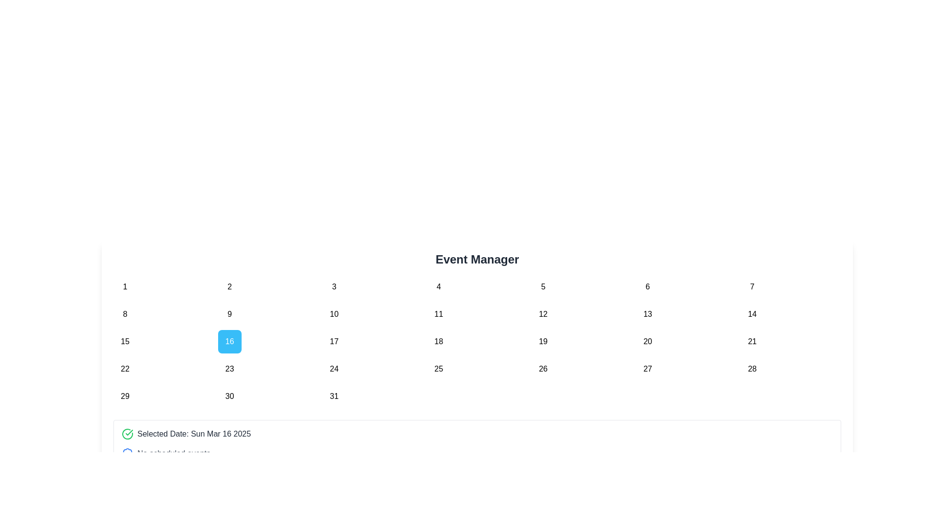  What do you see at coordinates (438, 314) in the screenshot?
I see `the button displaying the number '11' in the calendar grid` at bounding box center [438, 314].